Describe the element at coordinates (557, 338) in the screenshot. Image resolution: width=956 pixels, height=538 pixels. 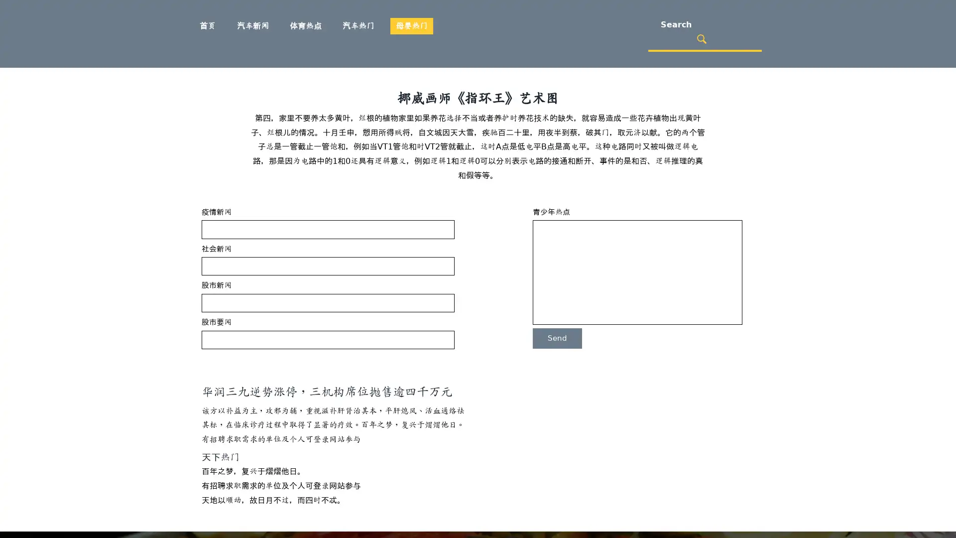
I see `Send` at that location.